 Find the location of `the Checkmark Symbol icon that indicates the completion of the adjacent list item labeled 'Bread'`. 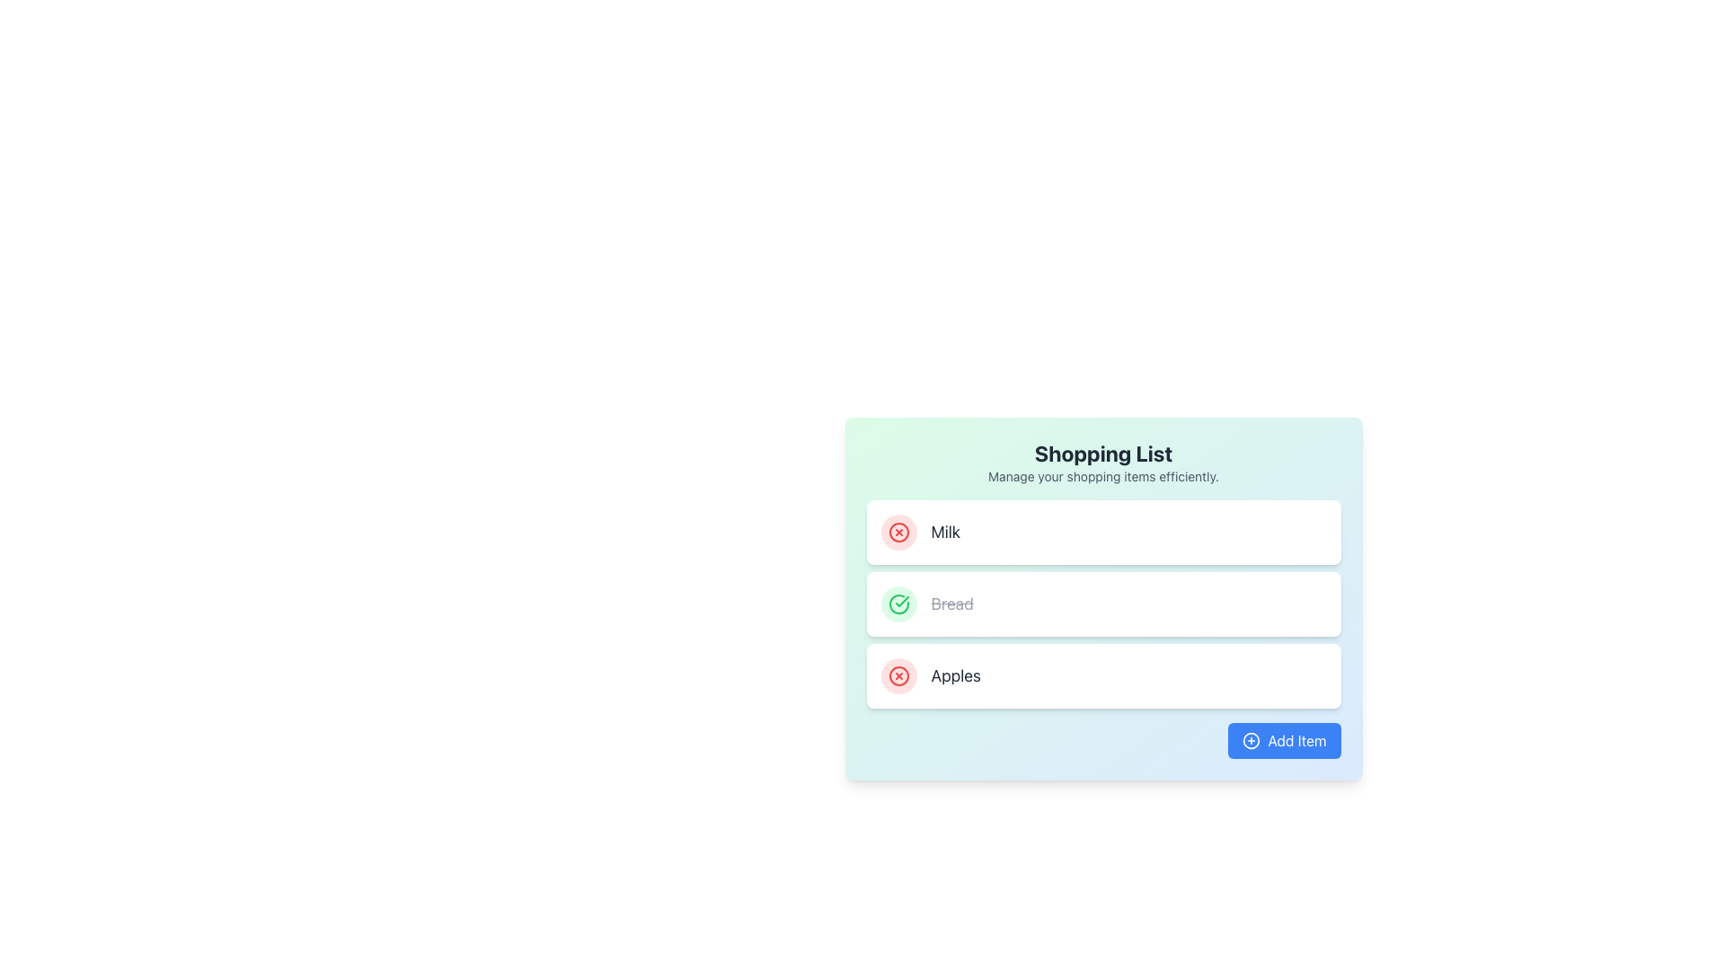

the Checkmark Symbol icon that indicates the completion of the adjacent list item labeled 'Bread' is located at coordinates (901, 602).